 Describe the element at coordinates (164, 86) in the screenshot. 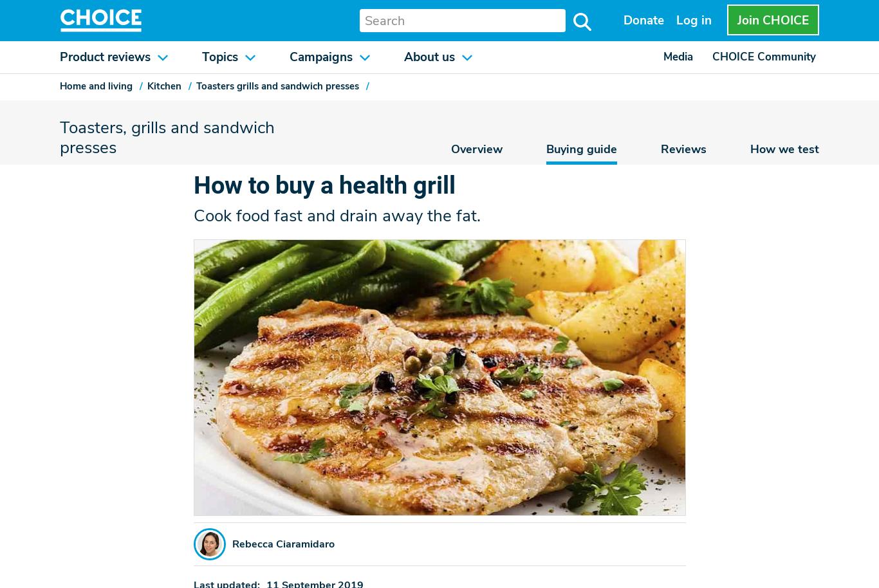

I see `'Kitchen'` at that location.